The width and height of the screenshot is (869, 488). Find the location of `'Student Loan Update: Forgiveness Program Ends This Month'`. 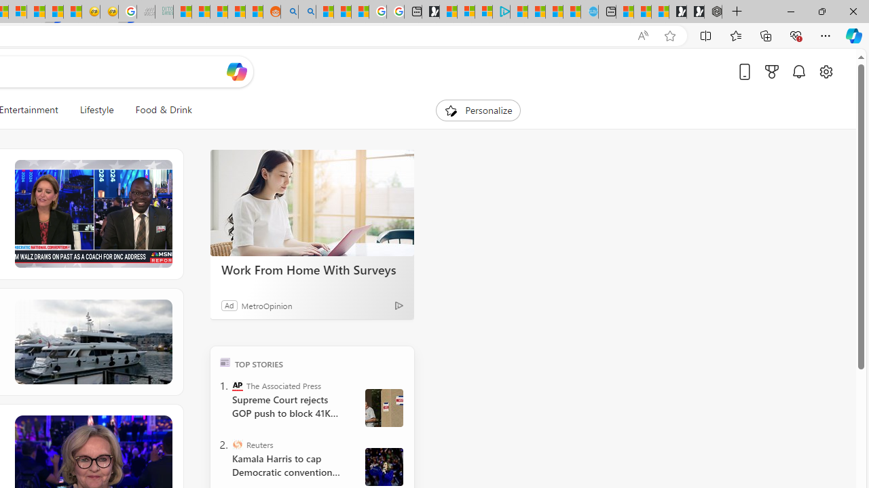

'Student Loan Update: Forgiveness Program Ends This Month' is located at coordinates (236, 12).